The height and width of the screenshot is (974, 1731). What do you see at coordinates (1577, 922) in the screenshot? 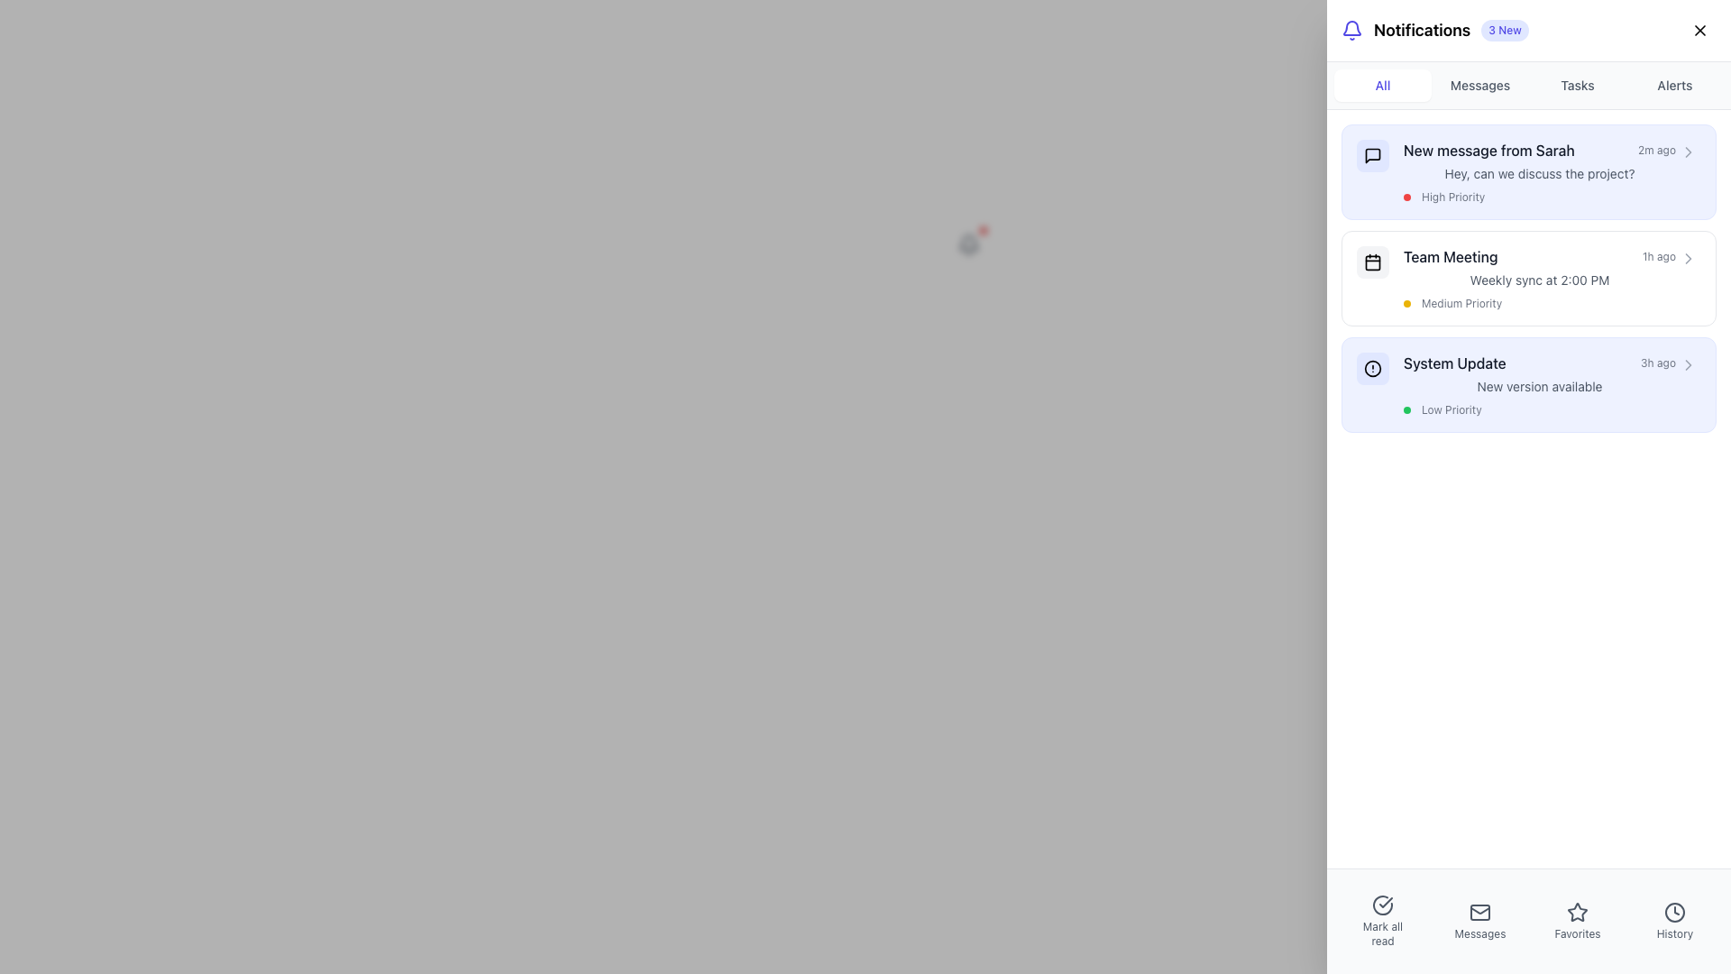
I see `the 'Favorites' button, which is an outlined star icon with a label below it` at bounding box center [1577, 922].